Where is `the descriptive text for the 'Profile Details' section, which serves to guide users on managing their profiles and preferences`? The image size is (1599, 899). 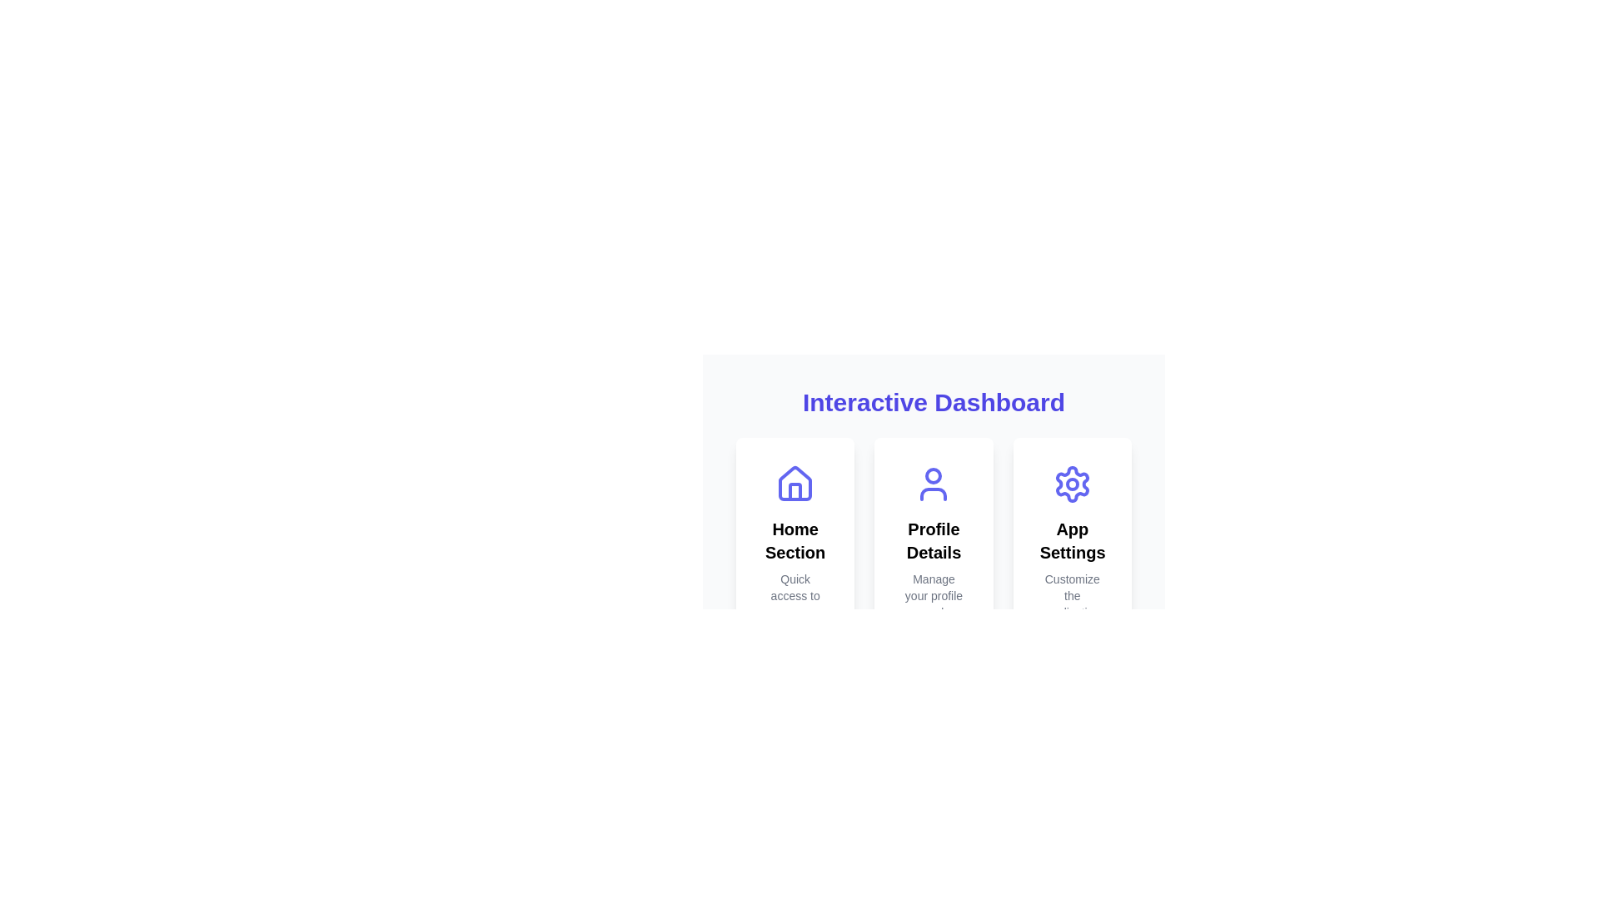 the descriptive text for the 'Profile Details' section, which serves to guide users on managing their profiles and preferences is located at coordinates (934, 603).